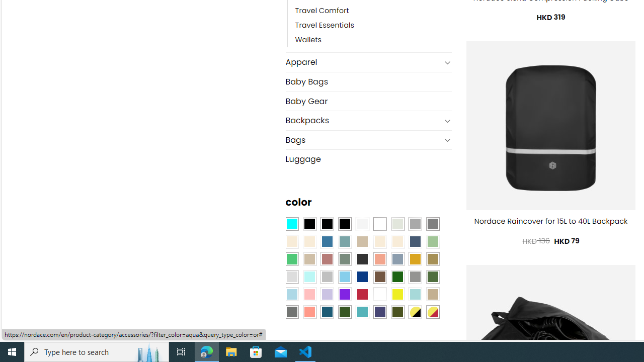 The width and height of the screenshot is (644, 362). What do you see at coordinates (415, 223) in the screenshot?
I see `'Dark Gray'` at bounding box center [415, 223].